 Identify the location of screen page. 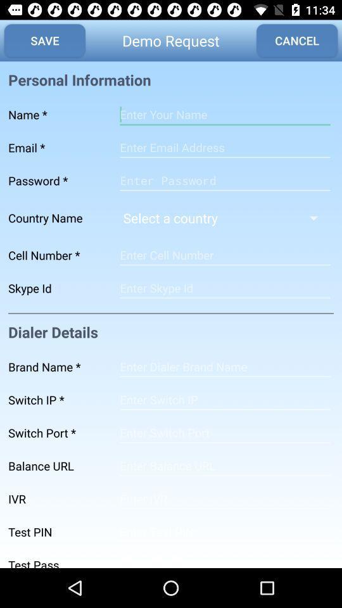
(224, 288).